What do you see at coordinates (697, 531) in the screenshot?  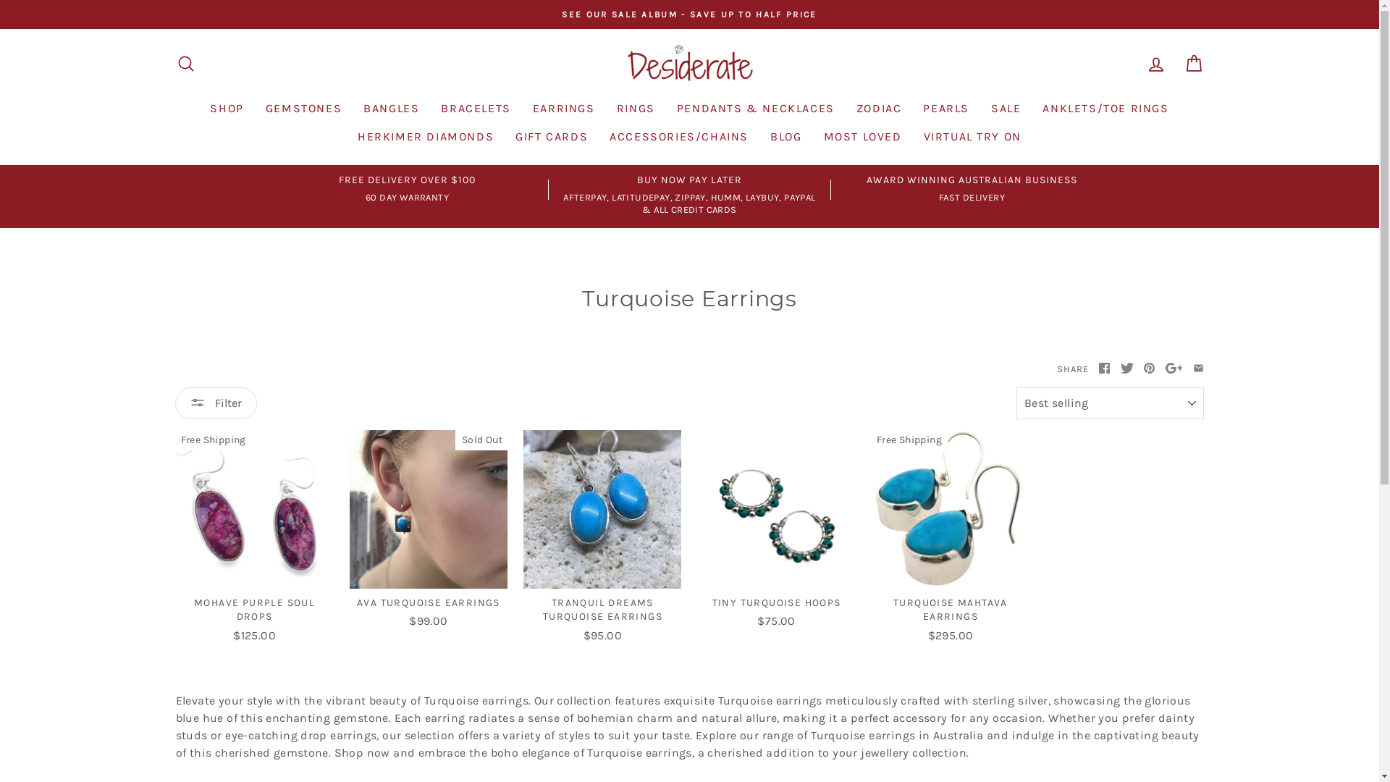 I see `'TINY TURQUOISE HOOPS` at bounding box center [697, 531].